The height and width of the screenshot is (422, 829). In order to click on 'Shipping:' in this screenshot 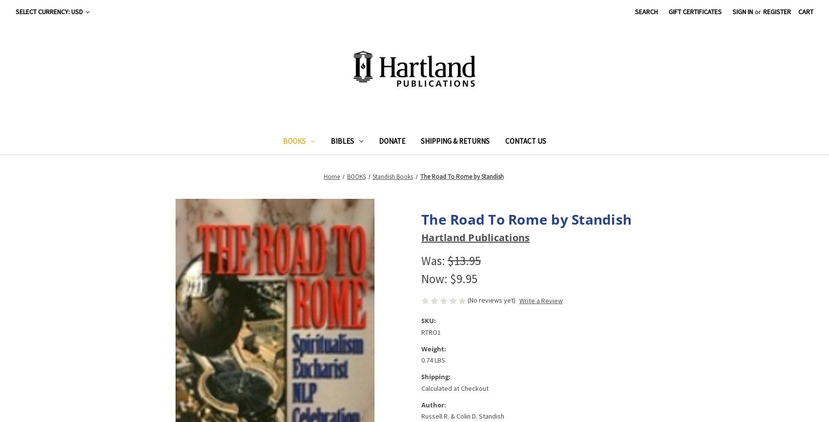, I will do `click(436, 376)`.